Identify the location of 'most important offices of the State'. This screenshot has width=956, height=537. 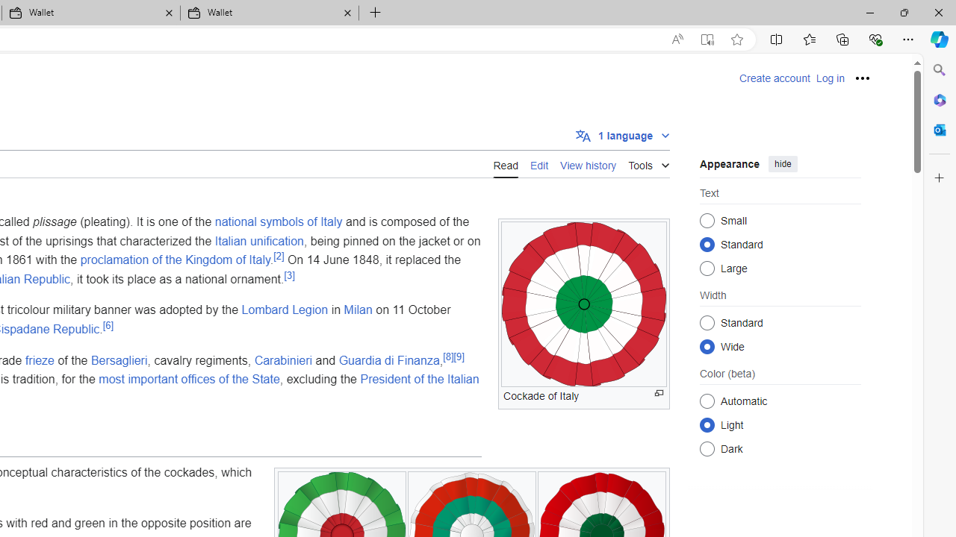
(188, 378).